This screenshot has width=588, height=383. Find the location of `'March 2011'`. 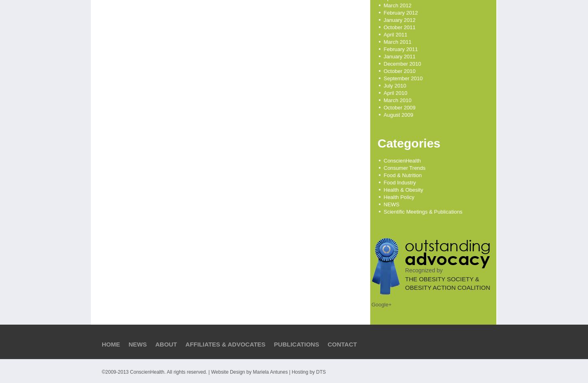

'March 2011' is located at coordinates (397, 41).